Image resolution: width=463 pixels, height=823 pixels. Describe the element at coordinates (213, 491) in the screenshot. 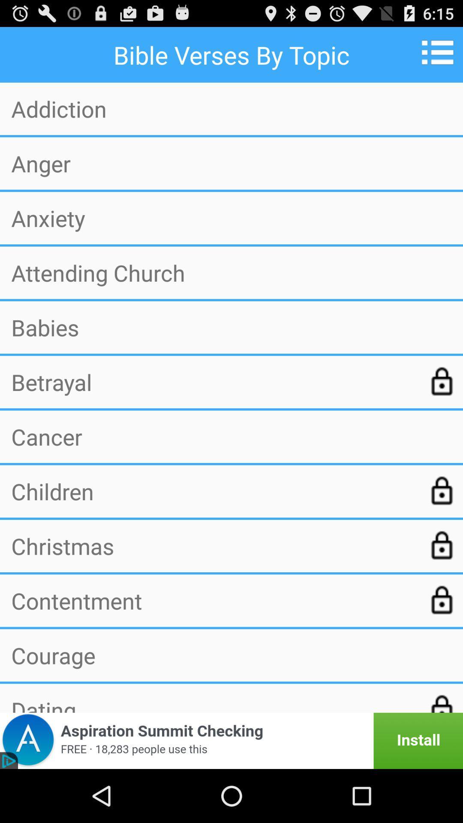

I see `icon above the christmas` at that location.